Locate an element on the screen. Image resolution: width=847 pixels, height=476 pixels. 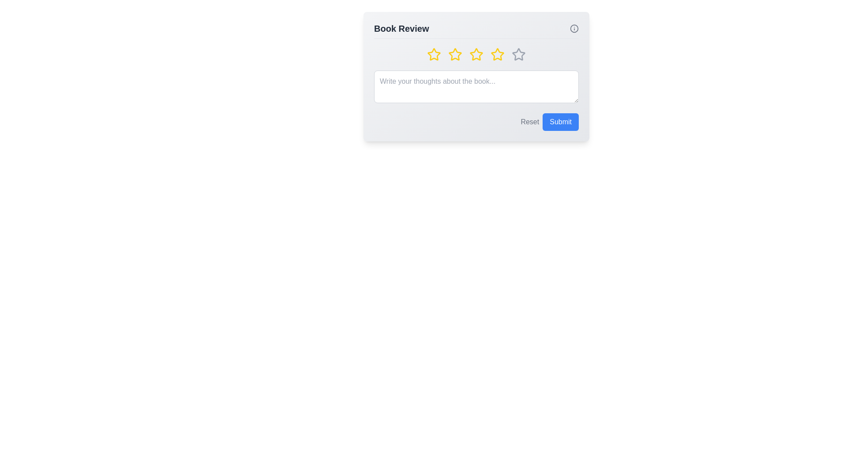
the star corresponding to the desired rating 2 is located at coordinates (455, 54).